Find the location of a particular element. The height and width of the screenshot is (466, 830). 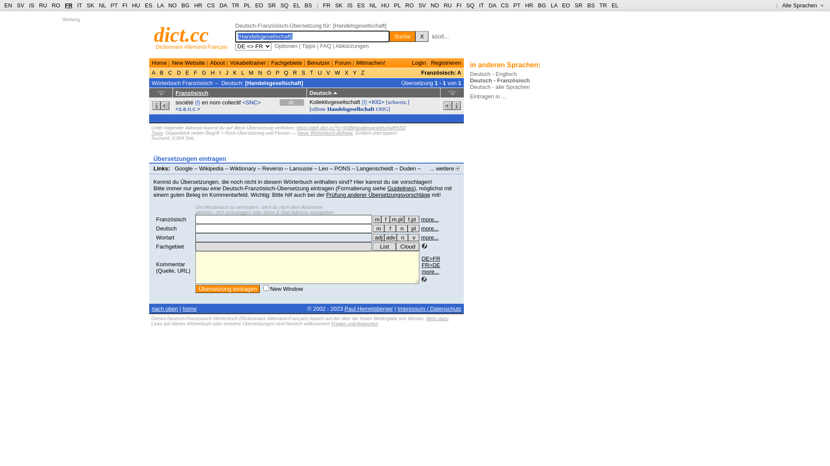

'D' is located at coordinates (178, 72).